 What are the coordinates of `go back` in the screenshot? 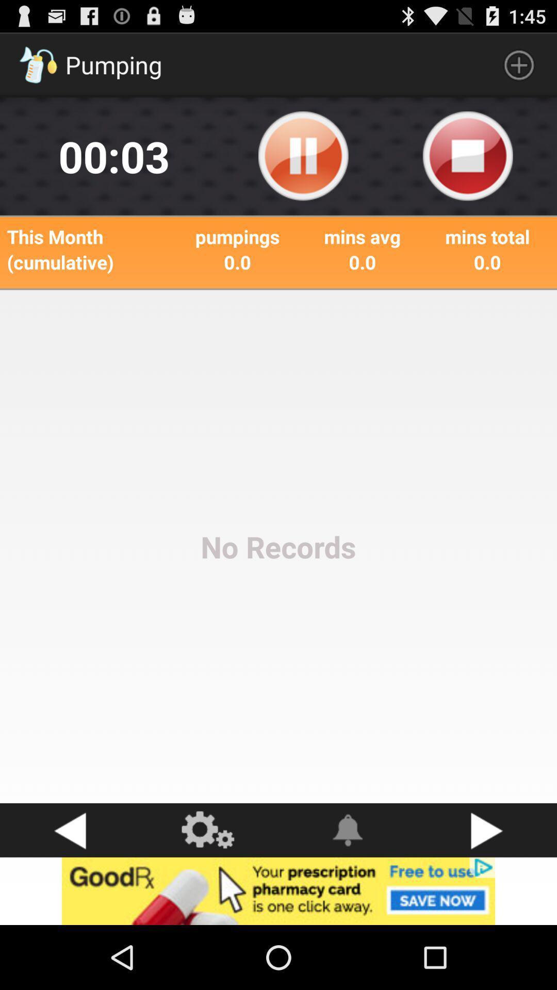 It's located at (70, 830).